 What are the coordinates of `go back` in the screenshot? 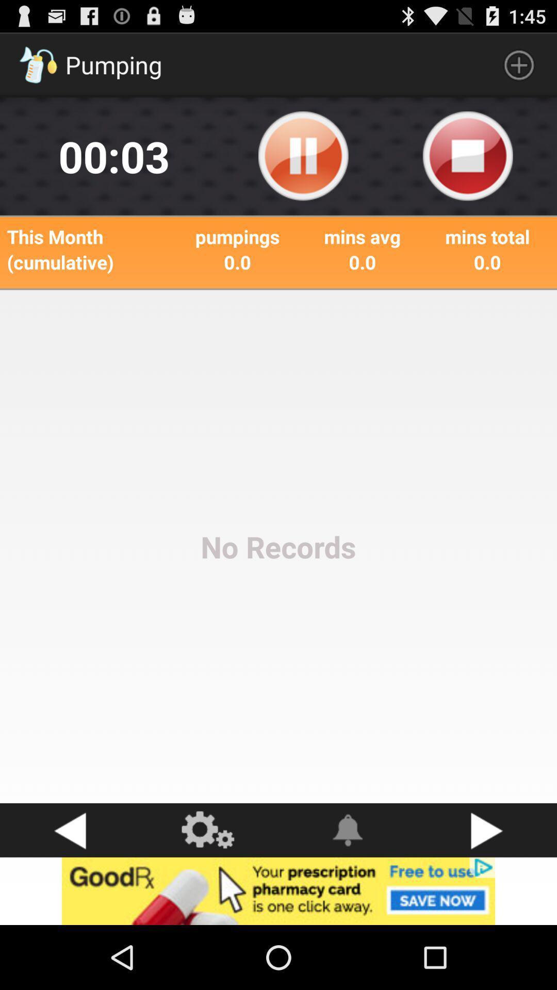 It's located at (70, 830).